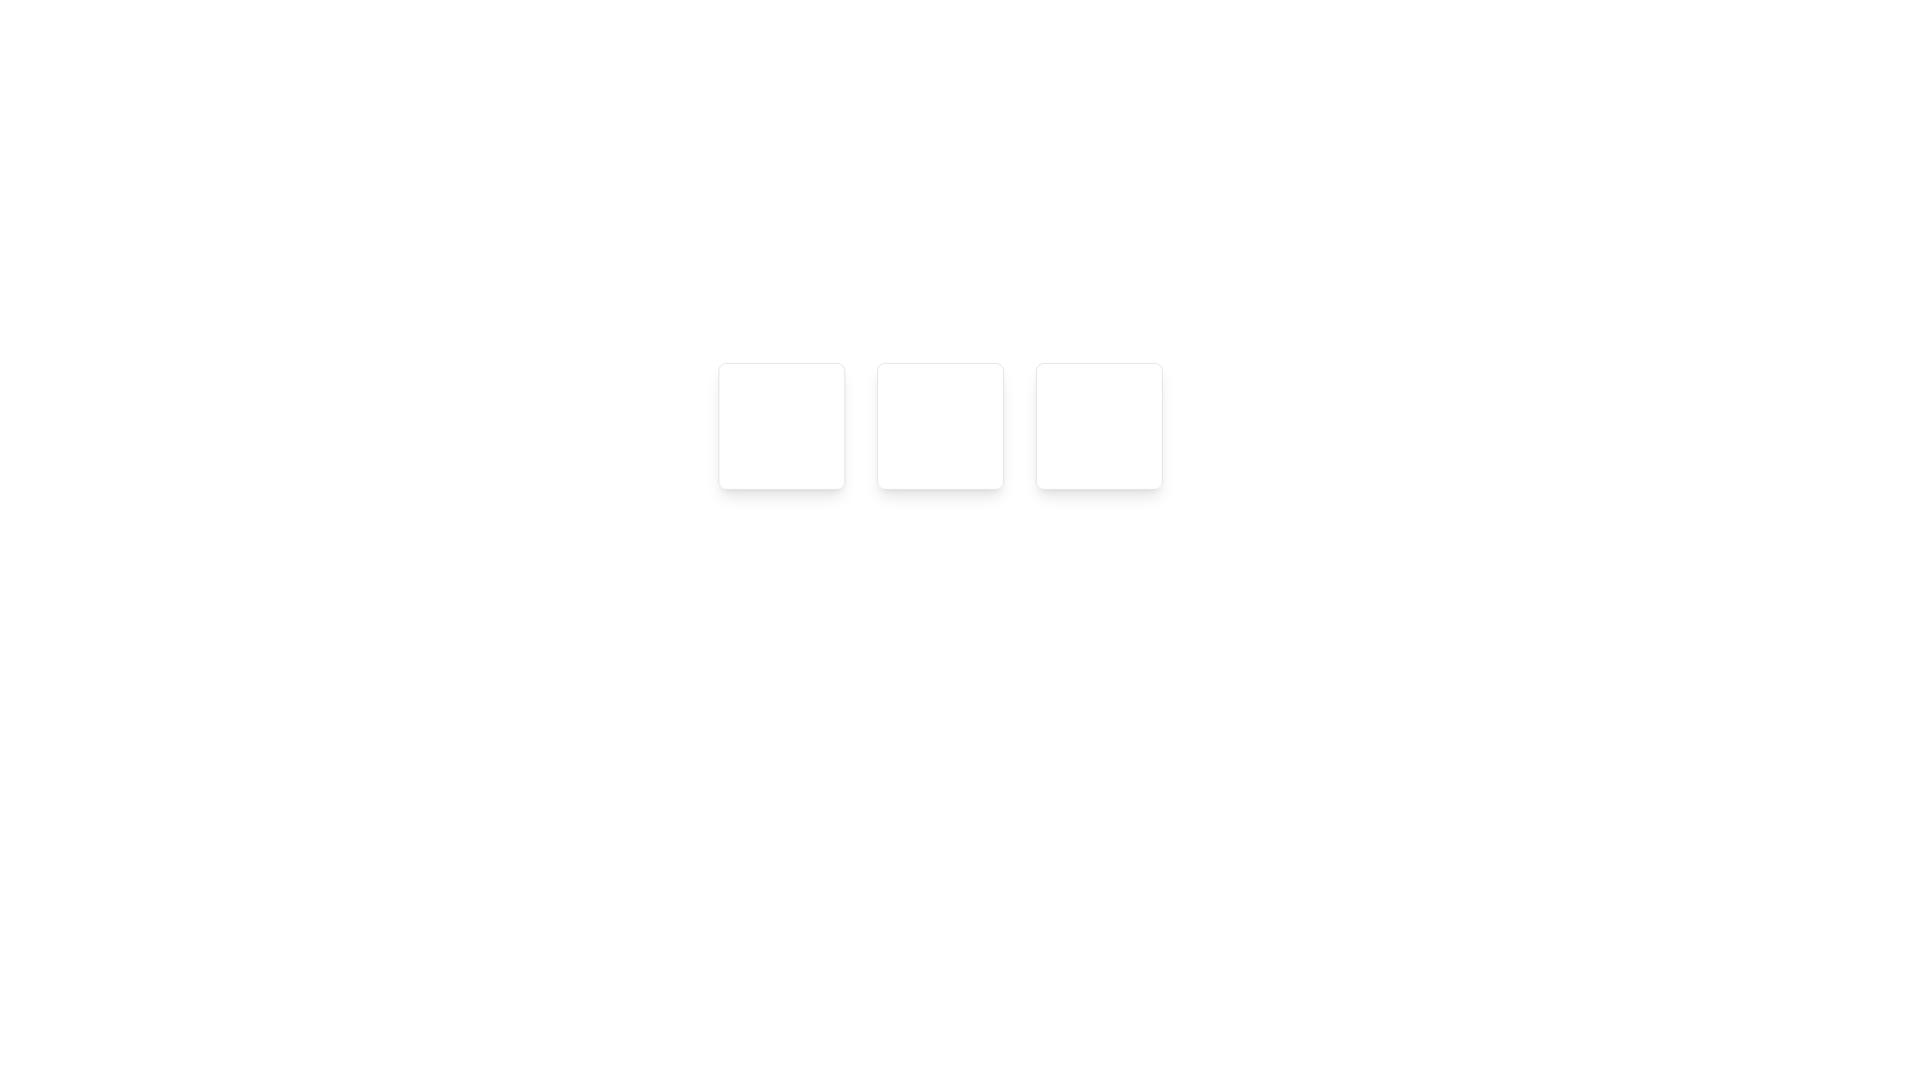 This screenshot has width=1905, height=1071. I want to click on the middle square tile in a horizontal row of three similar tiles, which features a light background, rounded corners, and a slight shadow effect, so click(939, 424).